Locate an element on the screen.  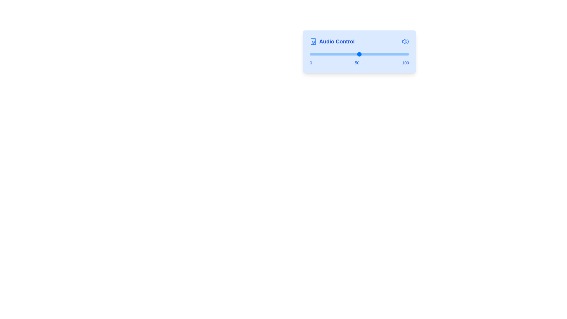
the audio level is located at coordinates (408, 54).